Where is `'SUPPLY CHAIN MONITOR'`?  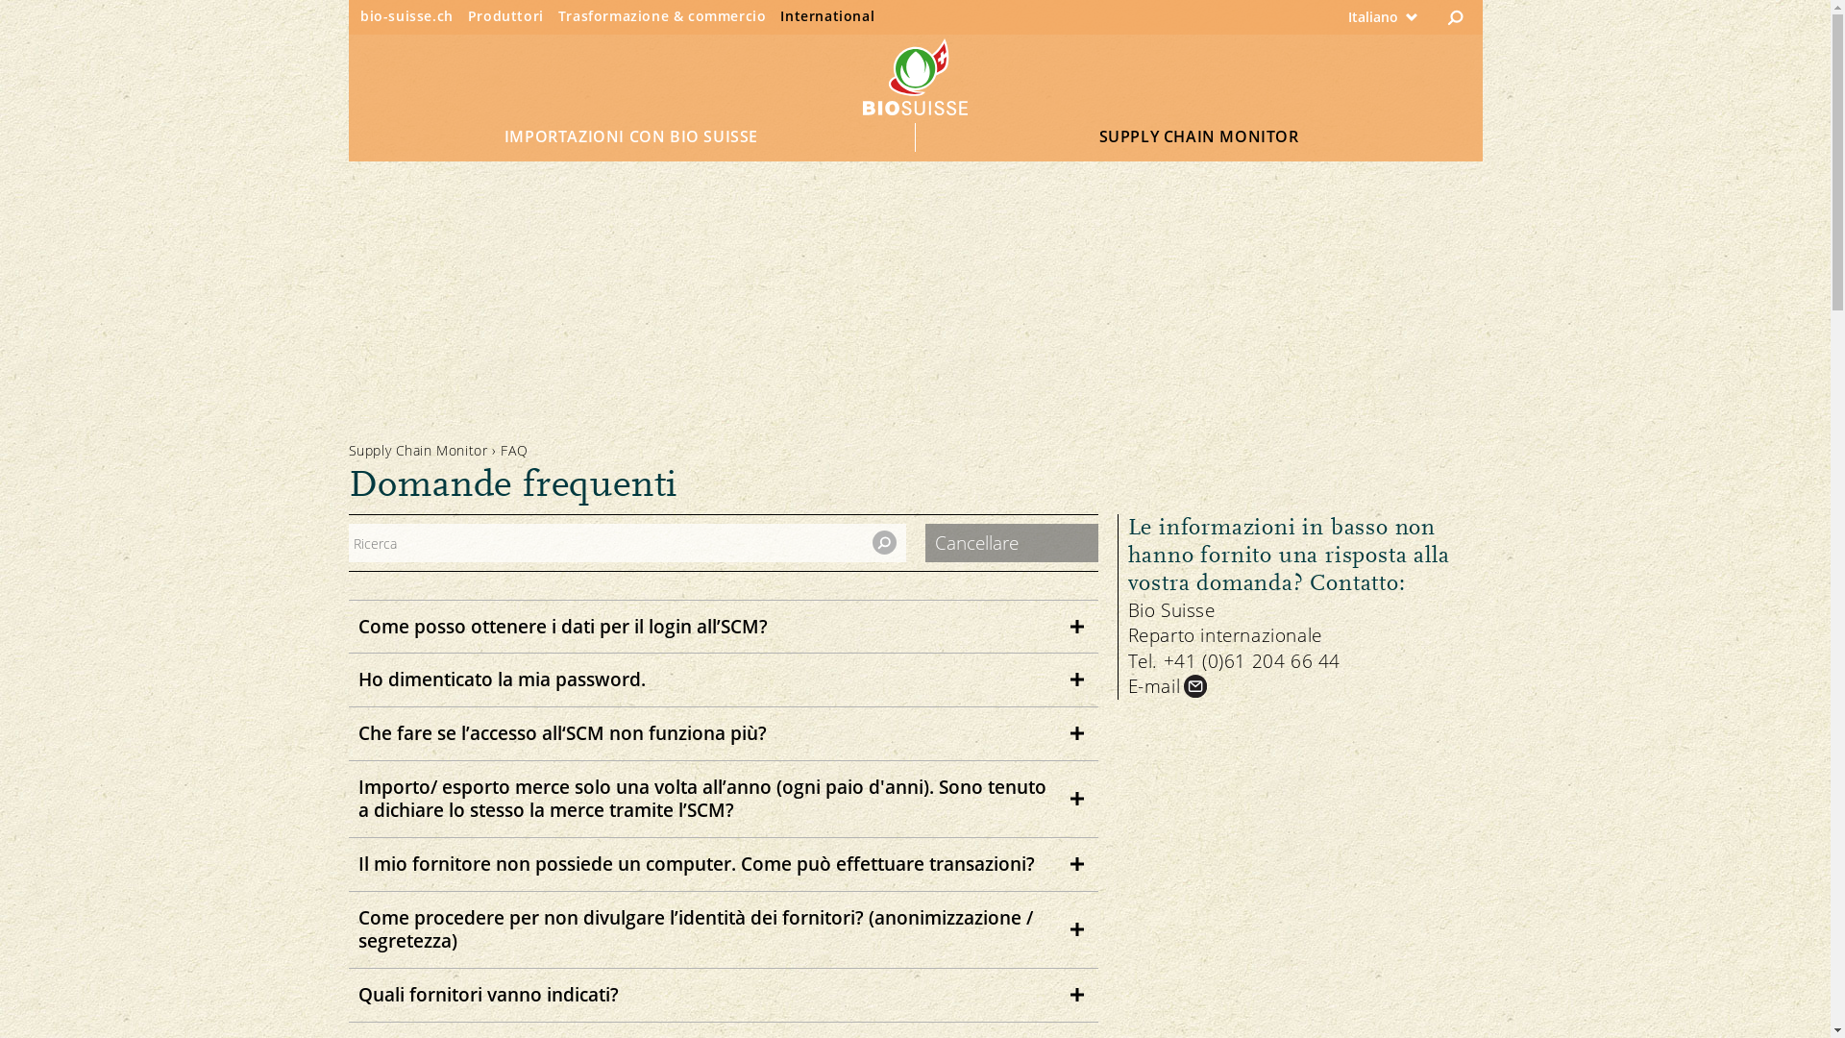 'SUPPLY CHAIN MONITOR' is located at coordinates (1197, 136).